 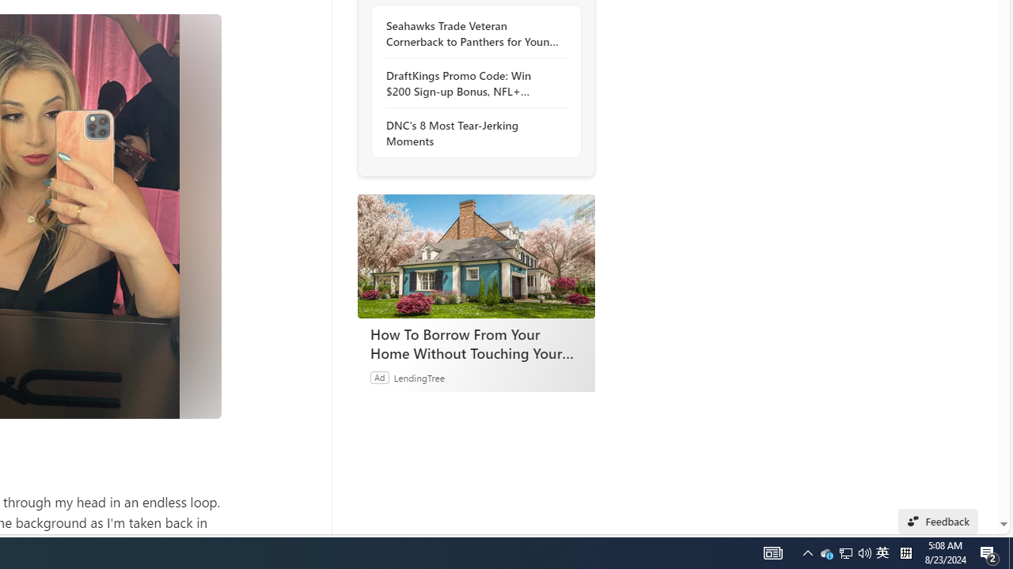 What do you see at coordinates (471, 132) in the screenshot?
I see `'DNC'` at bounding box center [471, 132].